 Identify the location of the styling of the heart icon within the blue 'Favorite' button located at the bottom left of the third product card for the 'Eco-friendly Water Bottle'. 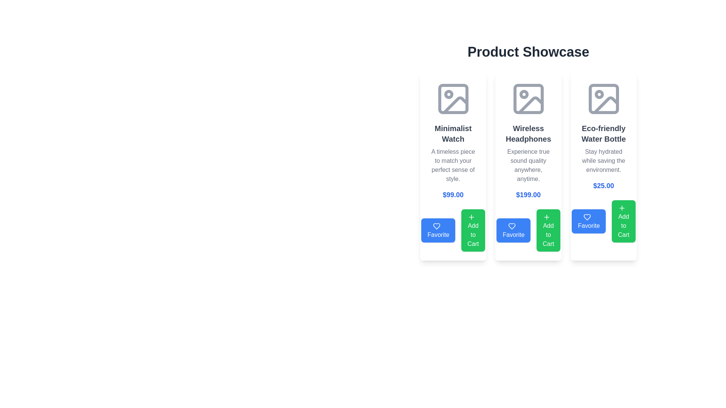
(587, 217).